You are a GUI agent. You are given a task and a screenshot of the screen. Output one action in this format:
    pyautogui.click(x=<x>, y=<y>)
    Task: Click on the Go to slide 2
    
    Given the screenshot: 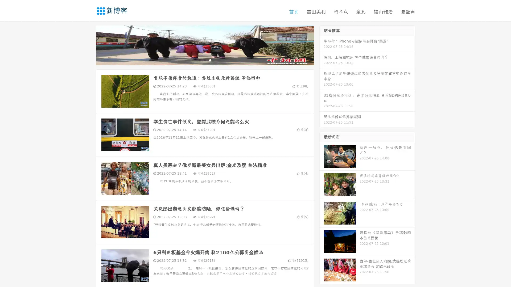 What is the action you would take?
    pyautogui.click(x=204, y=60)
    